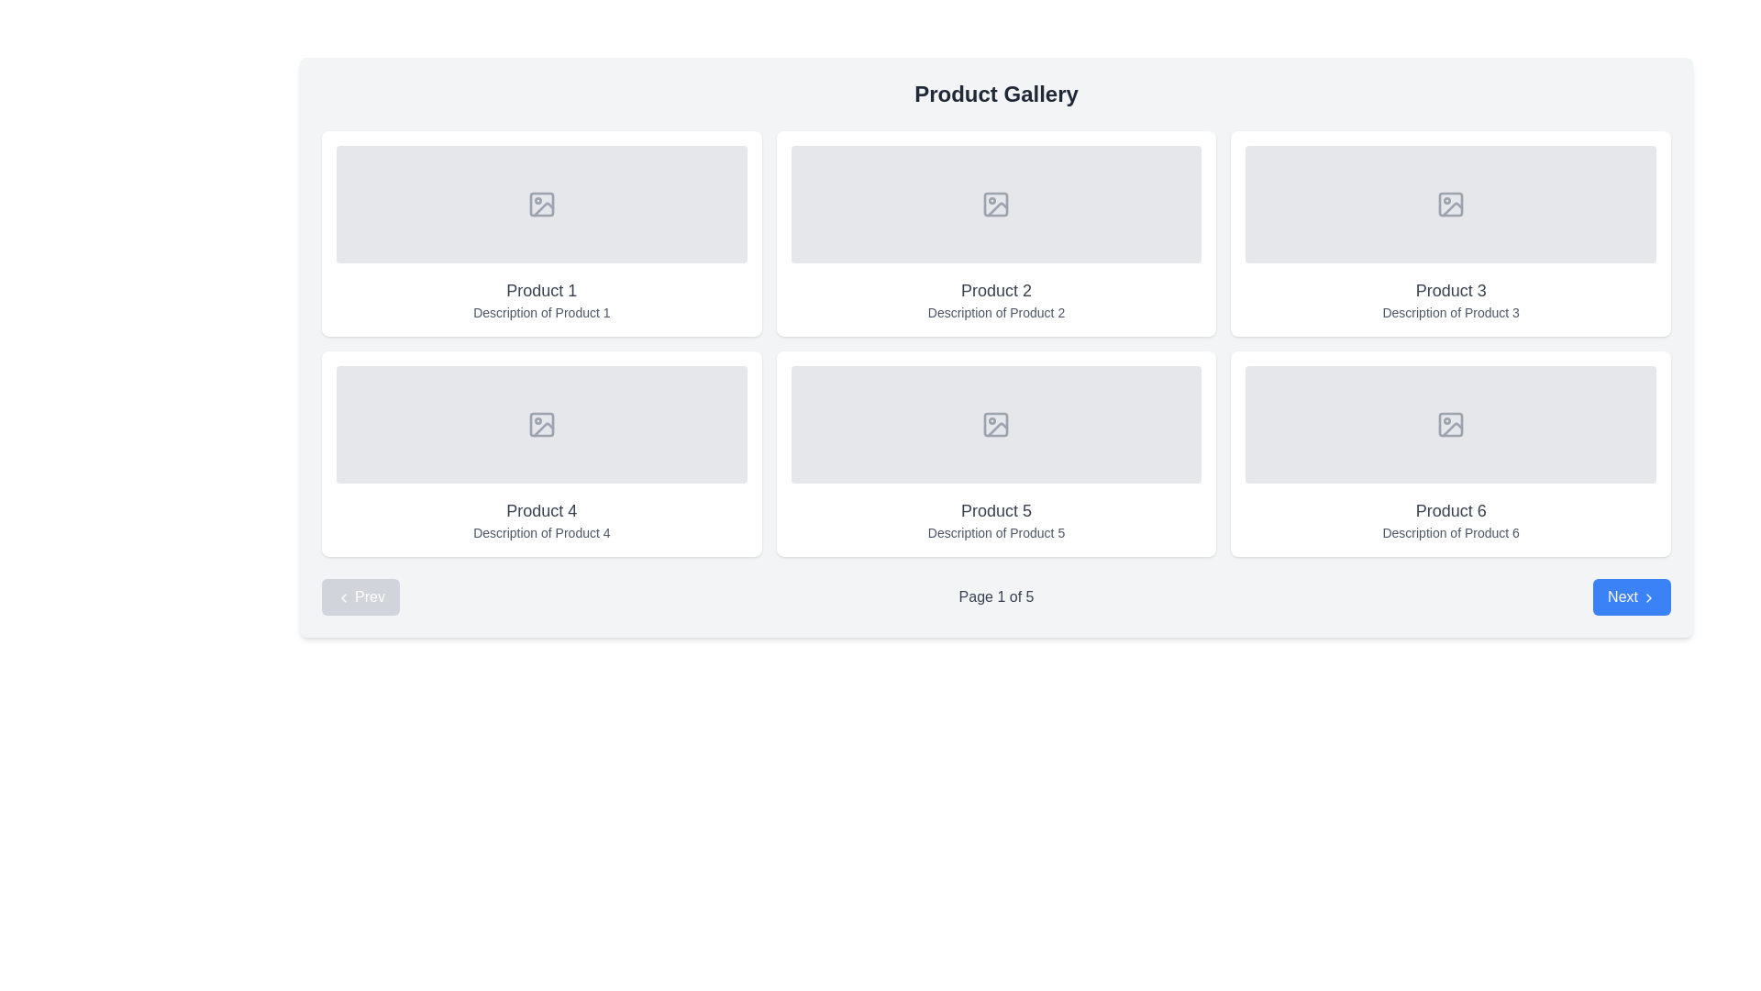  What do you see at coordinates (995, 424) in the screenshot?
I see `the prominent image placeholder with a light gray background, which contains a minimalistic image icon, located in the central area of the card titled 'Product 5'` at bounding box center [995, 424].